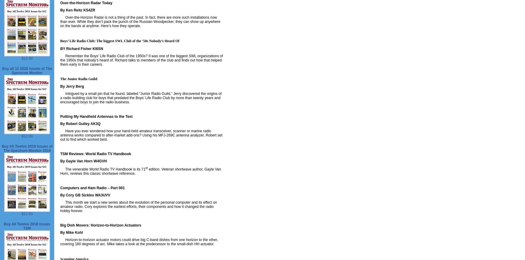 This screenshot has height=260, width=525. What do you see at coordinates (27, 226) in the screenshot?
I see `'Buy All Twelve 2018 issues TSM'` at bounding box center [27, 226].